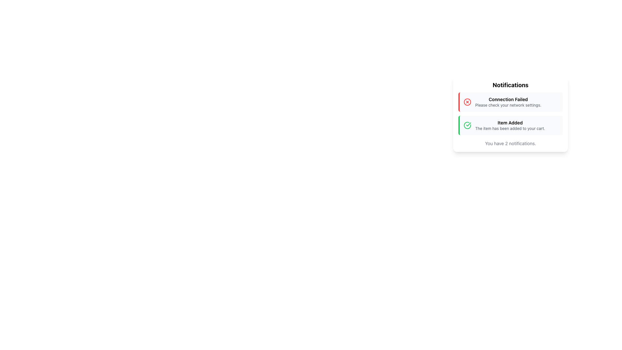 The height and width of the screenshot is (350, 622). Describe the element at coordinates (508, 99) in the screenshot. I see `the title text label indicating failure of connection within the Notifications pop-up box` at that location.